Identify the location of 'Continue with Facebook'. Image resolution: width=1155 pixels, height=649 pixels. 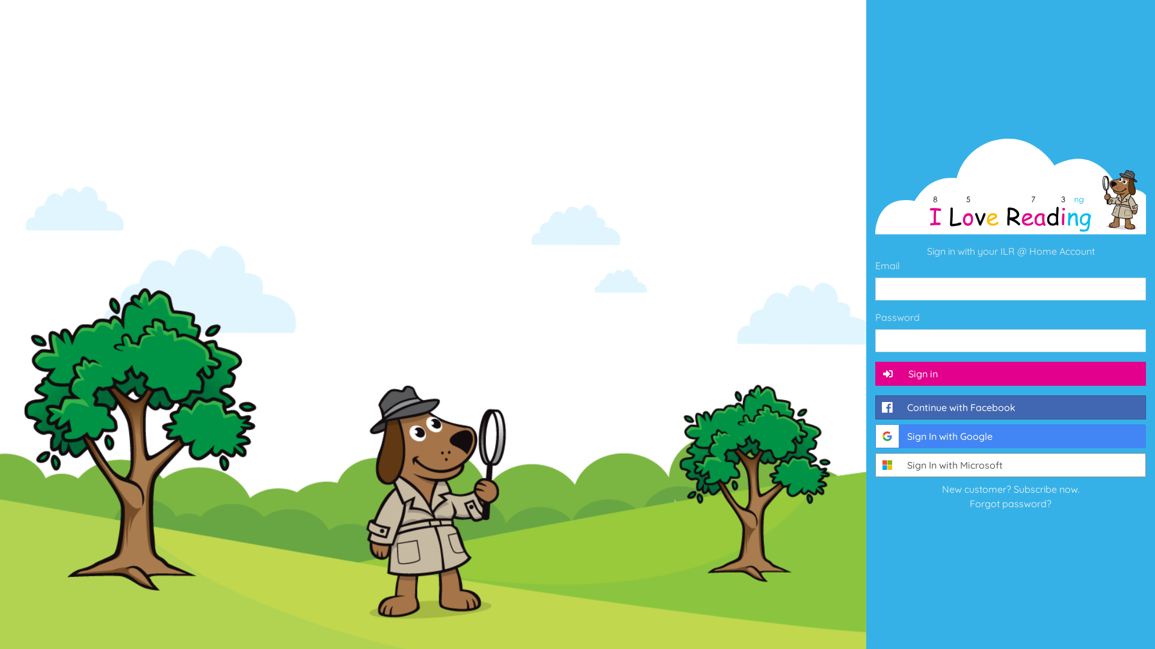
(1011, 407).